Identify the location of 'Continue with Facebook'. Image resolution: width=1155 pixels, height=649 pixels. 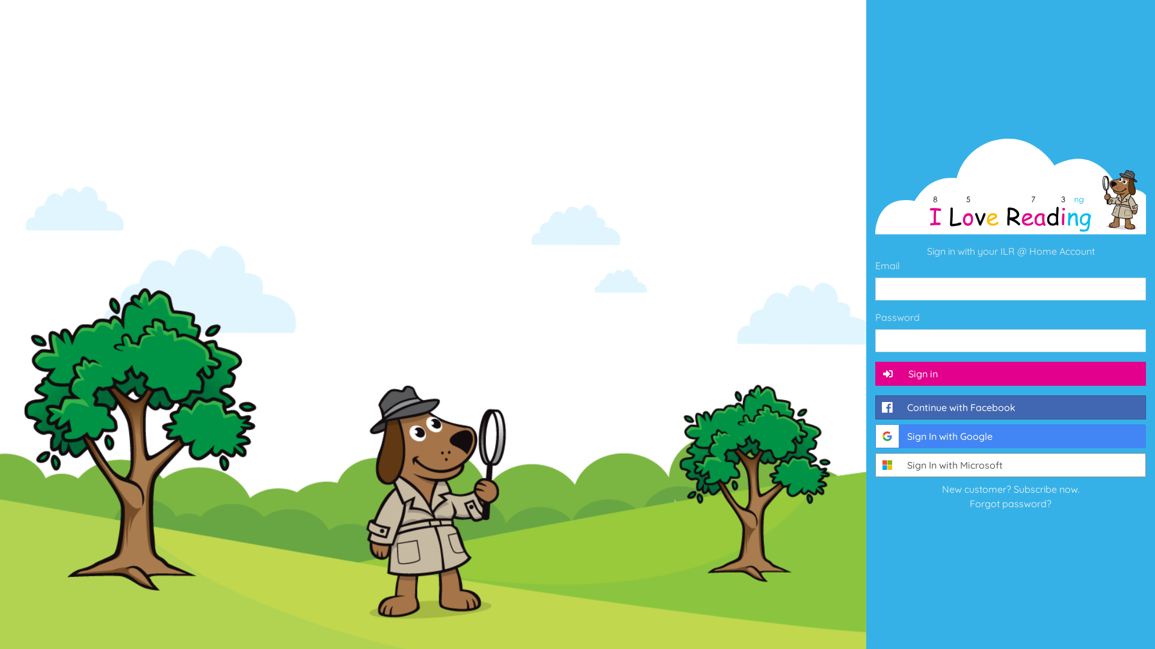
(1011, 407).